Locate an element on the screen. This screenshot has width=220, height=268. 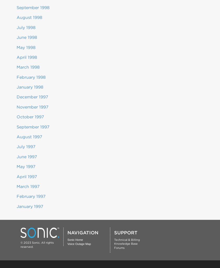
'February 1997' is located at coordinates (31, 196).